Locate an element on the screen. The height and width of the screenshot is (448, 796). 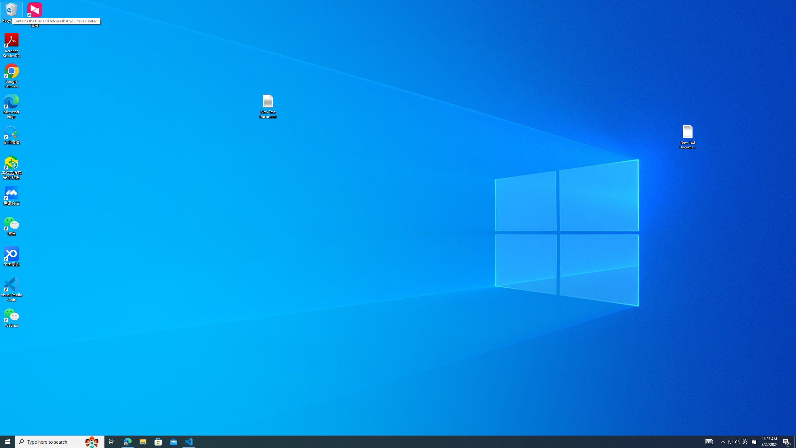
'Acrobat Reader DC' is located at coordinates (11, 45).